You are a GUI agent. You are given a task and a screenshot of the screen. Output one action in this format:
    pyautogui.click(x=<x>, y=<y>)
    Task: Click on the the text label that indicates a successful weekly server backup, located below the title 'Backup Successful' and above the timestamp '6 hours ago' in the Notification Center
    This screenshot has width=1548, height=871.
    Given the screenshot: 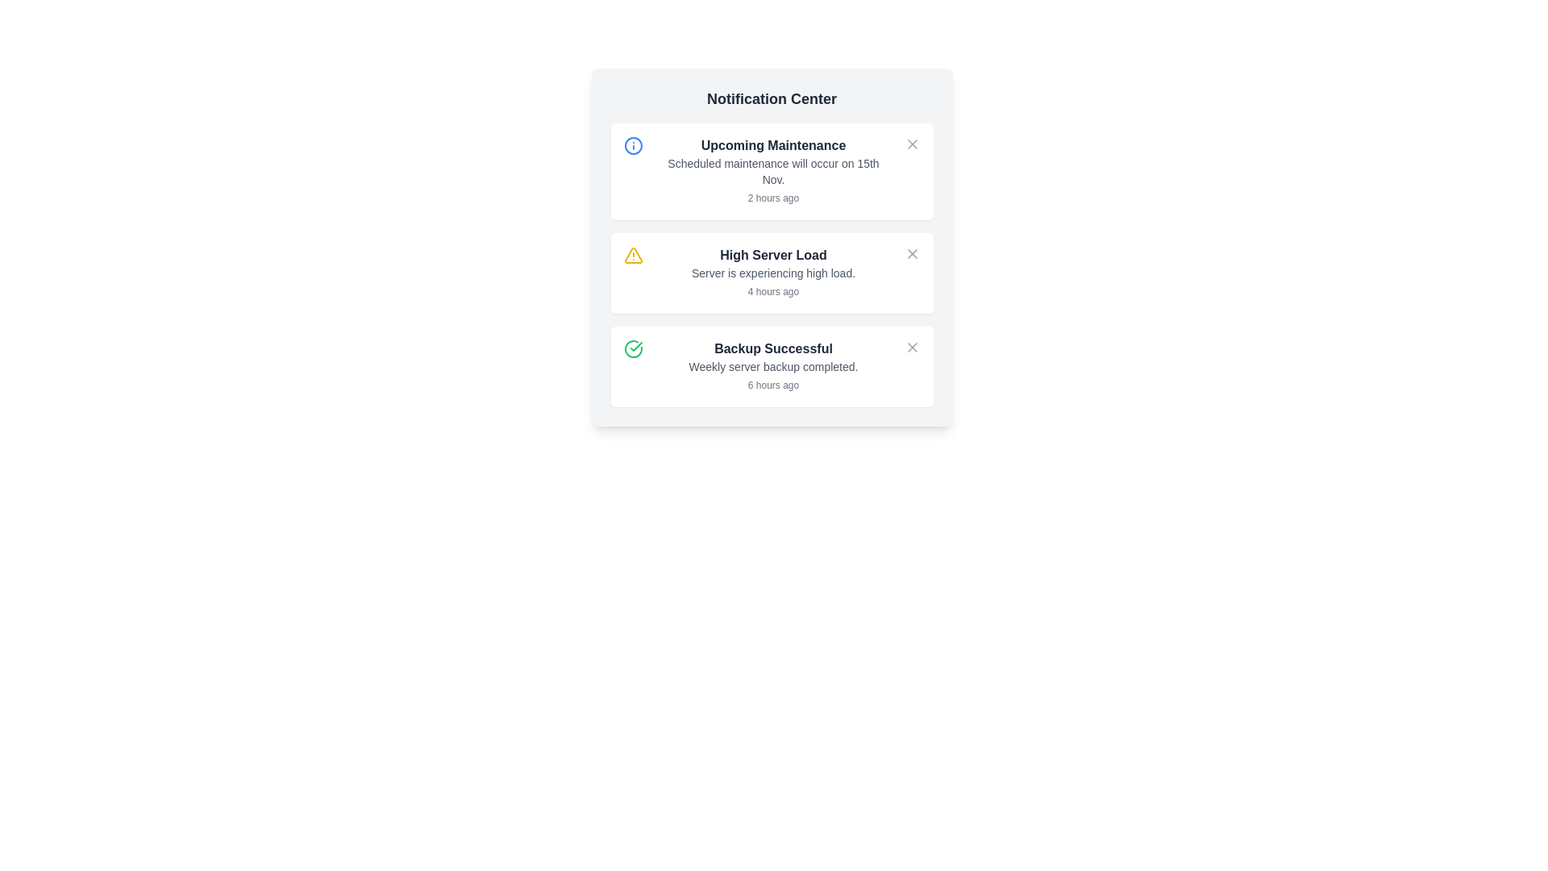 What is the action you would take?
    pyautogui.click(x=772, y=367)
    